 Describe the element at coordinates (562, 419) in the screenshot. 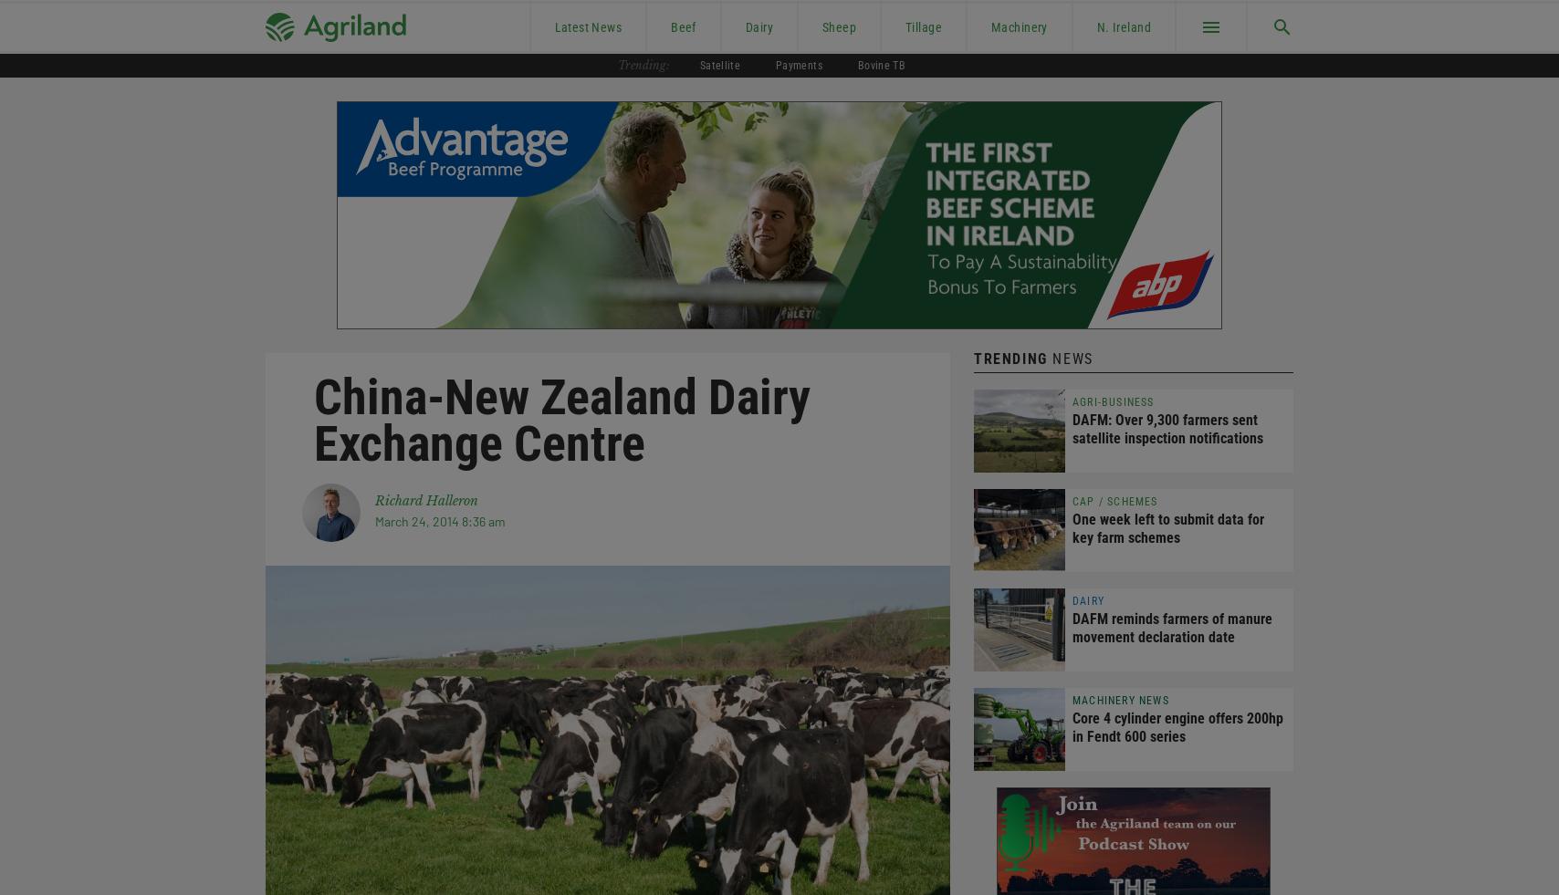

I see `'China-New Zealand Dairy Exchange Centre'` at that location.